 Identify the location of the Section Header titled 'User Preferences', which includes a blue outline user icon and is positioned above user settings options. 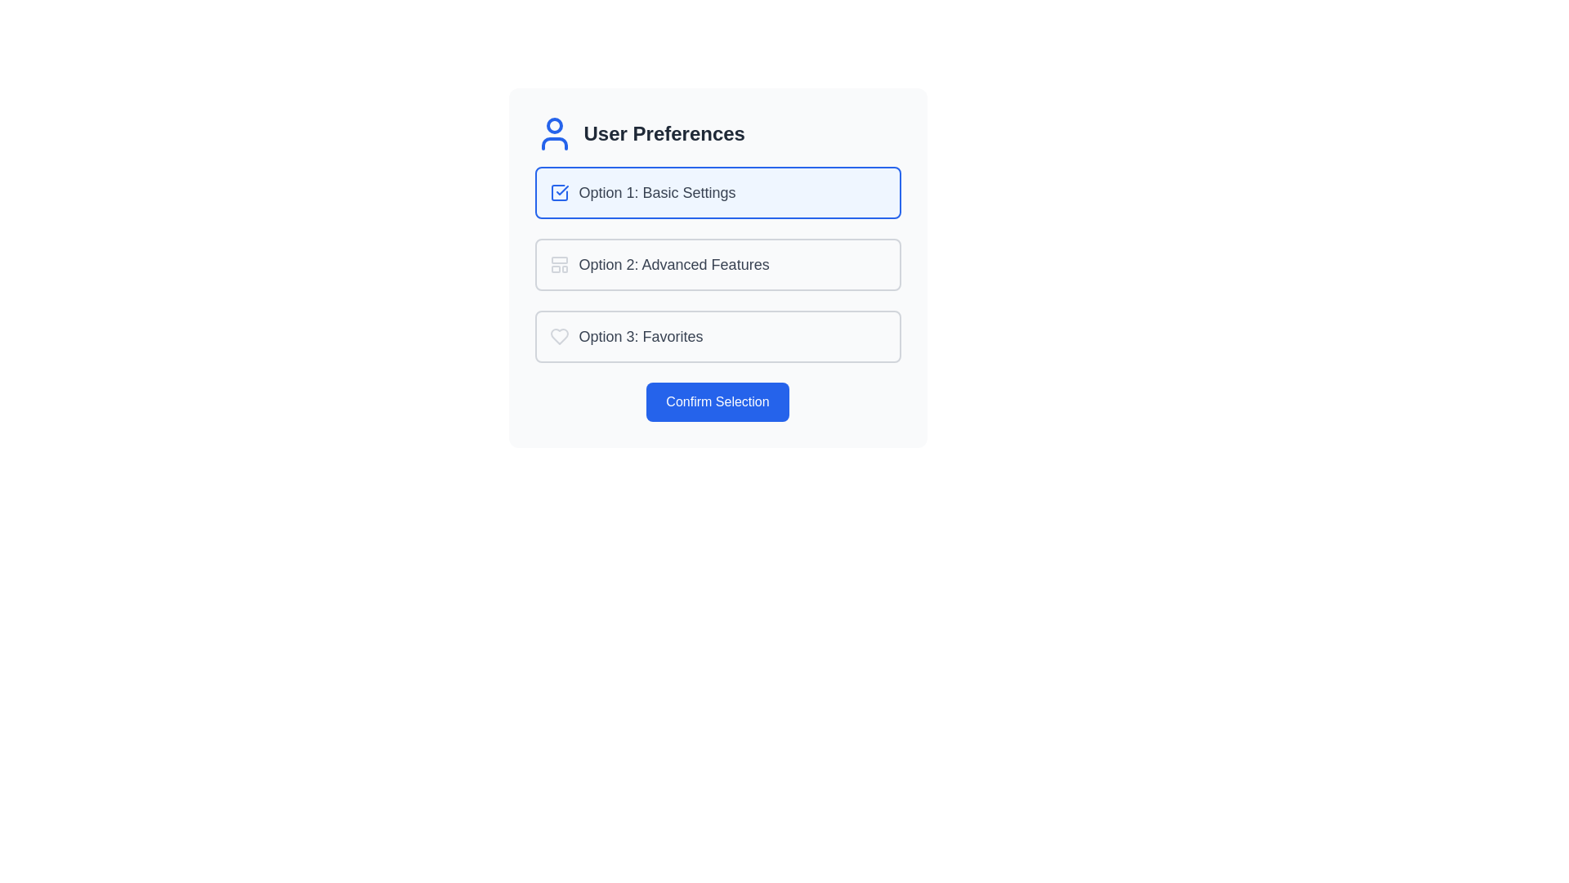
(717, 133).